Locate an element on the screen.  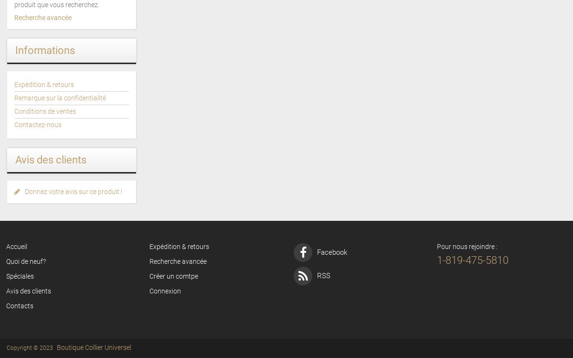
'Expédition & retours' is located at coordinates (44, 84).